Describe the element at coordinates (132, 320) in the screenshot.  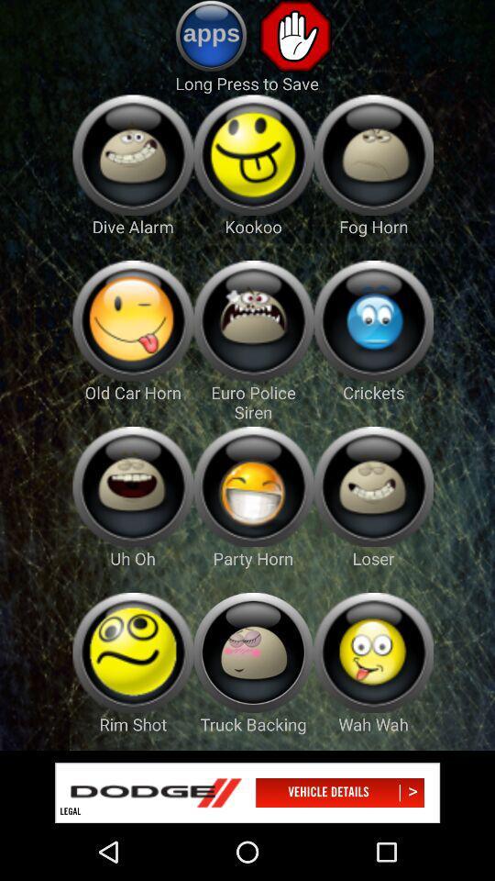
I see `old car horn button` at that location.